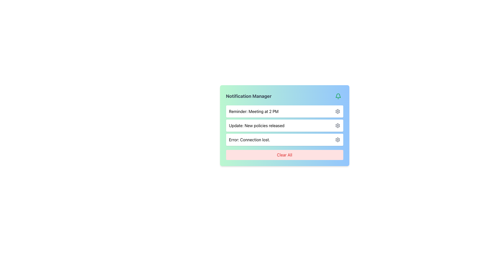 This screenshot has height=273, width=485. I want to click on error message displayed in the Notification Box that shows 'Error: Connection lost.' It is the third entry under 'Notification Manager', so click(284, 140).